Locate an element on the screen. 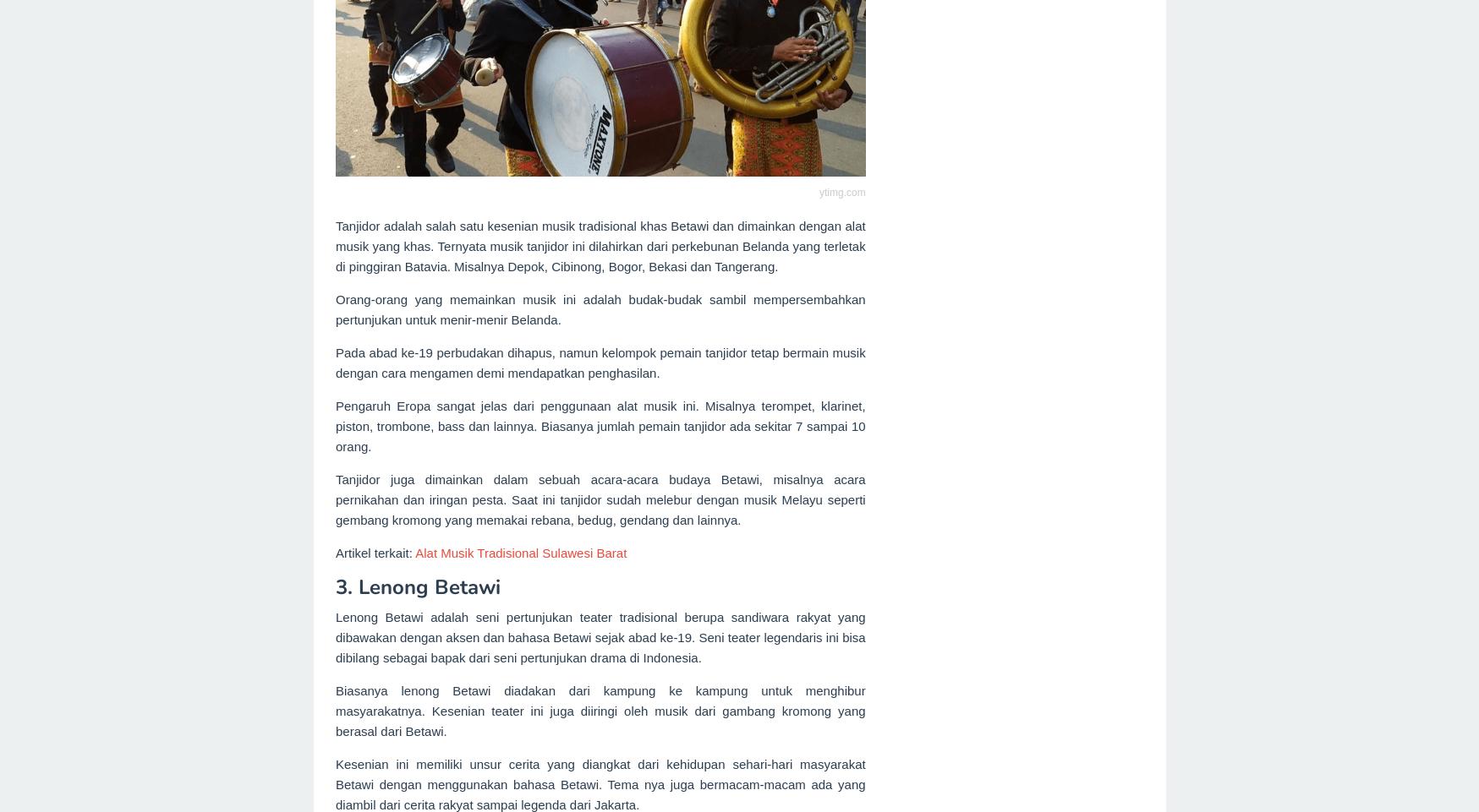  'Tanjidor juga dimainkan dalam sebuah acara-acara budaya Betawi, misalnya acara pernikahan dan iringan pesta. Saat ini tanjidor sudah melebur dengan musik Melayu seperti gembang kromong yang memakai rebana, bedug, gendang dan lainnya.' is located at coordinates (336, 499).